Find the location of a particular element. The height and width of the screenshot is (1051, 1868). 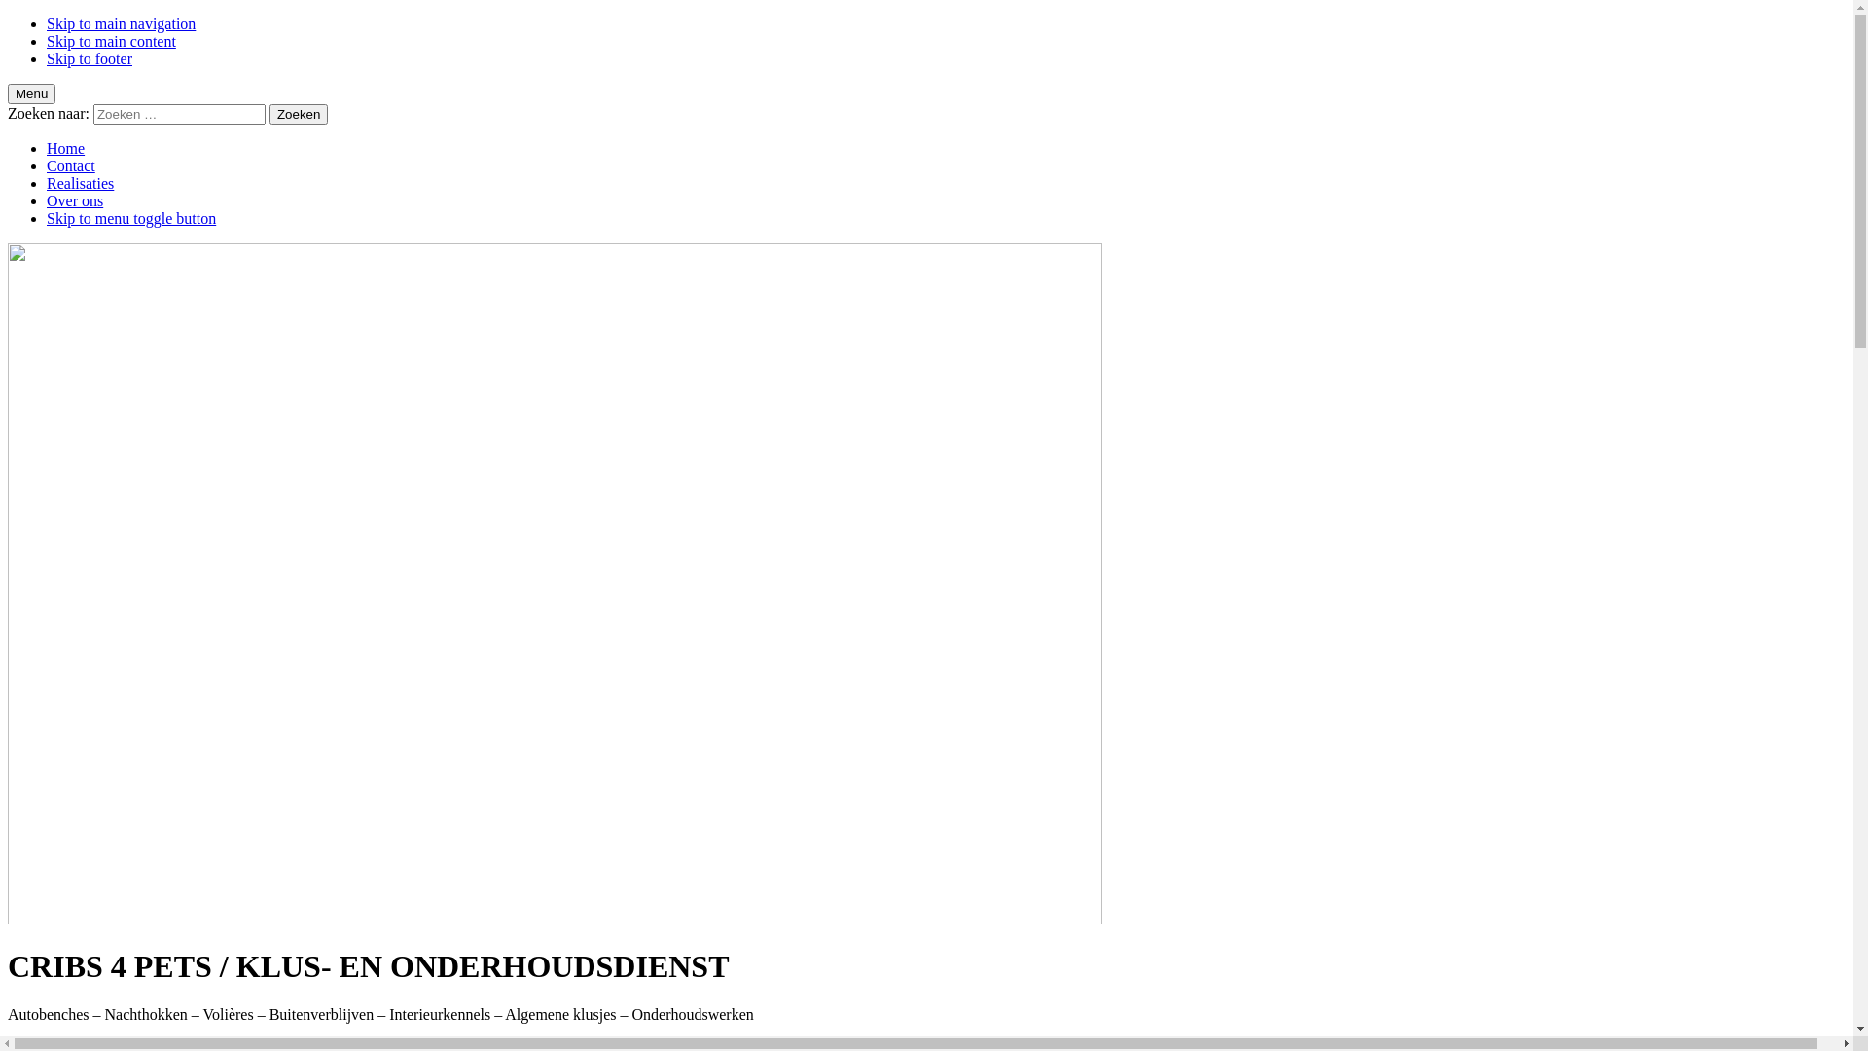

'Realisaties' is located at coordinates (79, 183).